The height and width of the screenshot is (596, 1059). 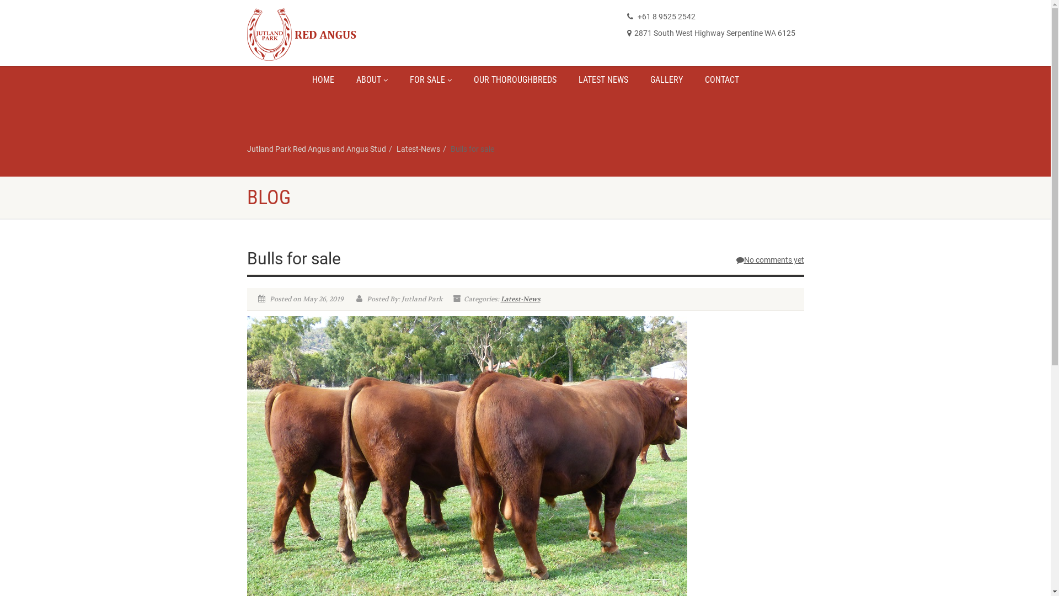 What do you see at coordinates (627, 17) in the screenshot?
I see `'+61 8 9525 2542'` at bounding box center [627, 17].